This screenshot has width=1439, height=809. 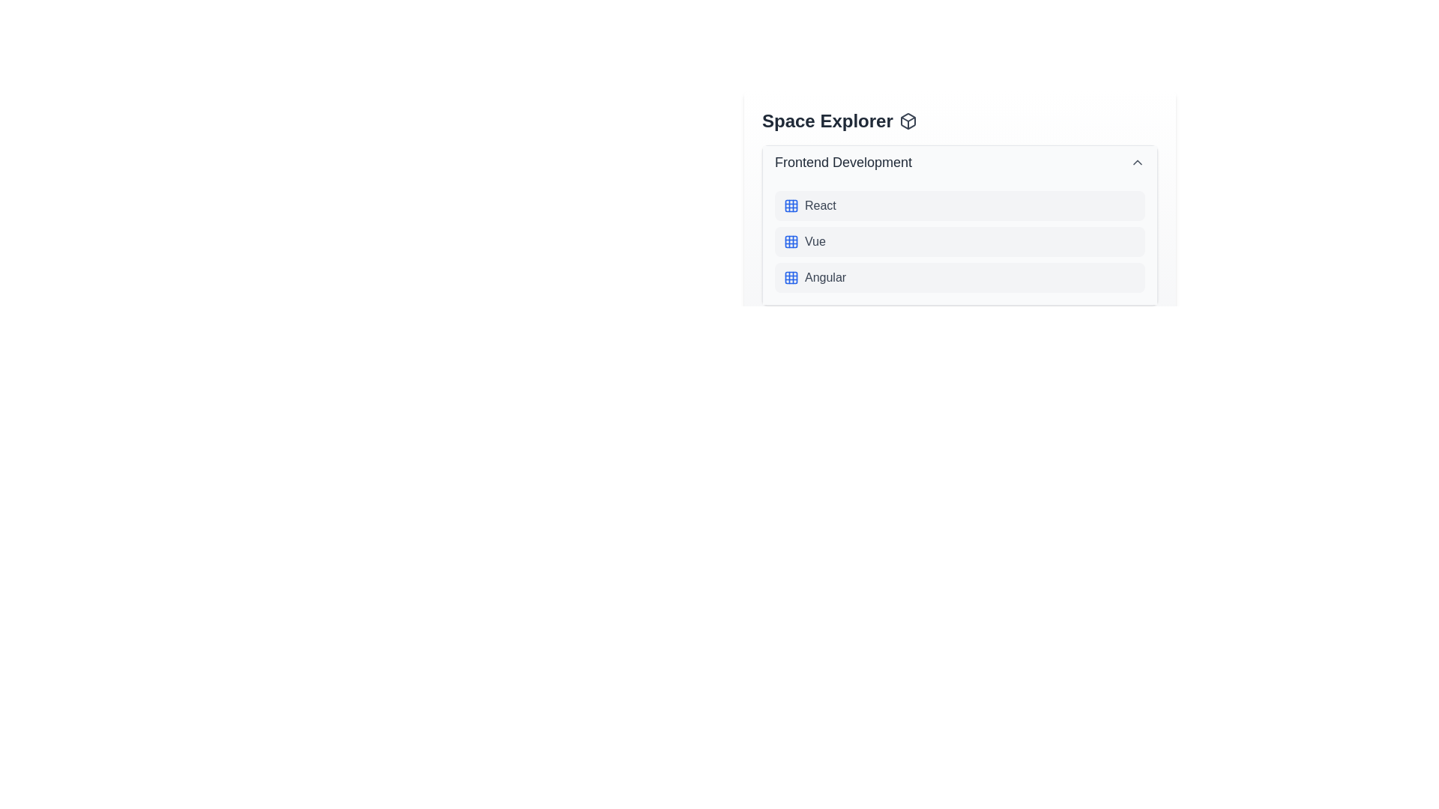 I want to click on the button that contains the grid icon associated with the 'Vue' category under 'Frontend Development', so click(x=791, y=241).